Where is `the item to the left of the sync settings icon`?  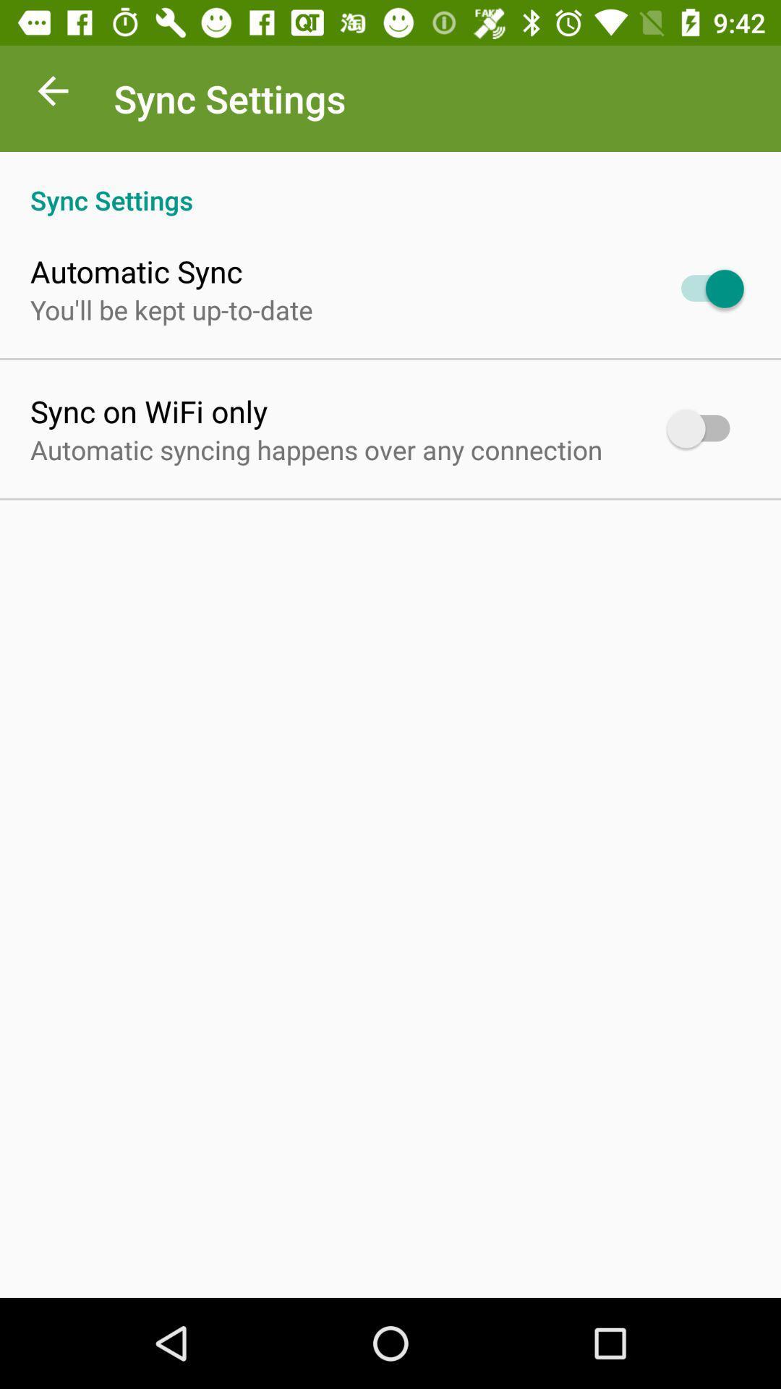 the item to the left of the sync settings icon is located at coordinates (52, 94).